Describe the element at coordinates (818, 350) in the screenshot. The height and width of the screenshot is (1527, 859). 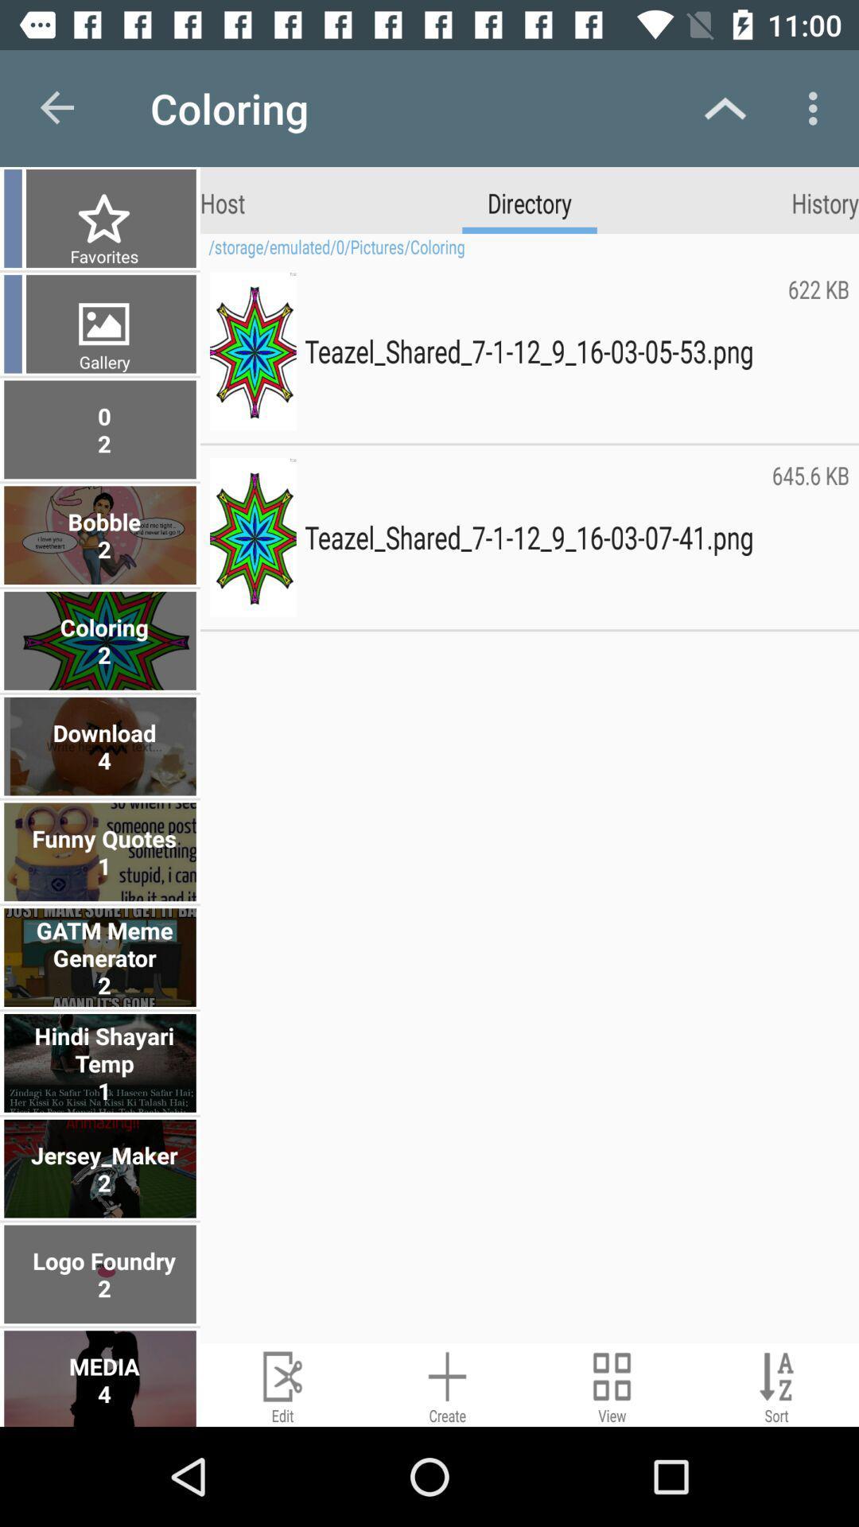
I see `the icon next to the teazel_shared_7 1 12_9_16 icon` at that location.